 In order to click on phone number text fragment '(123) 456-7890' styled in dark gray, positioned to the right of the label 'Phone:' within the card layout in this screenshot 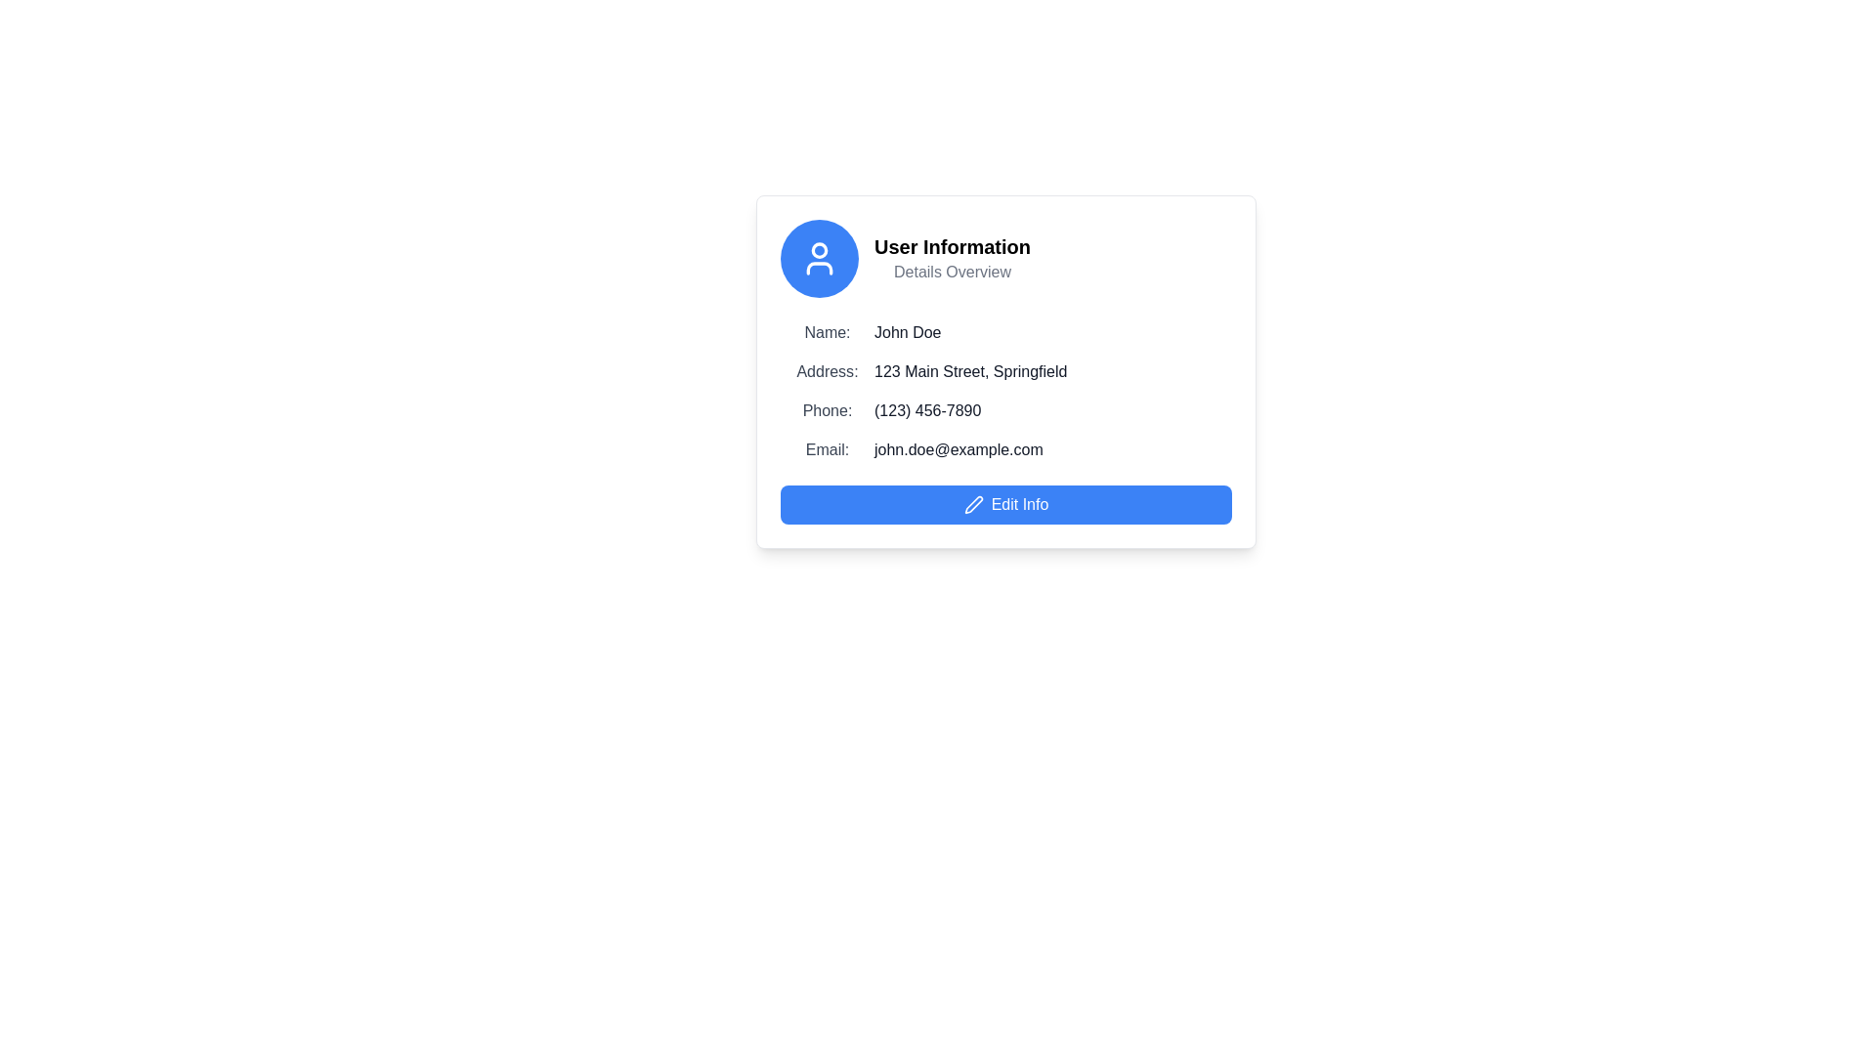, I will do `click(926, 409)`.